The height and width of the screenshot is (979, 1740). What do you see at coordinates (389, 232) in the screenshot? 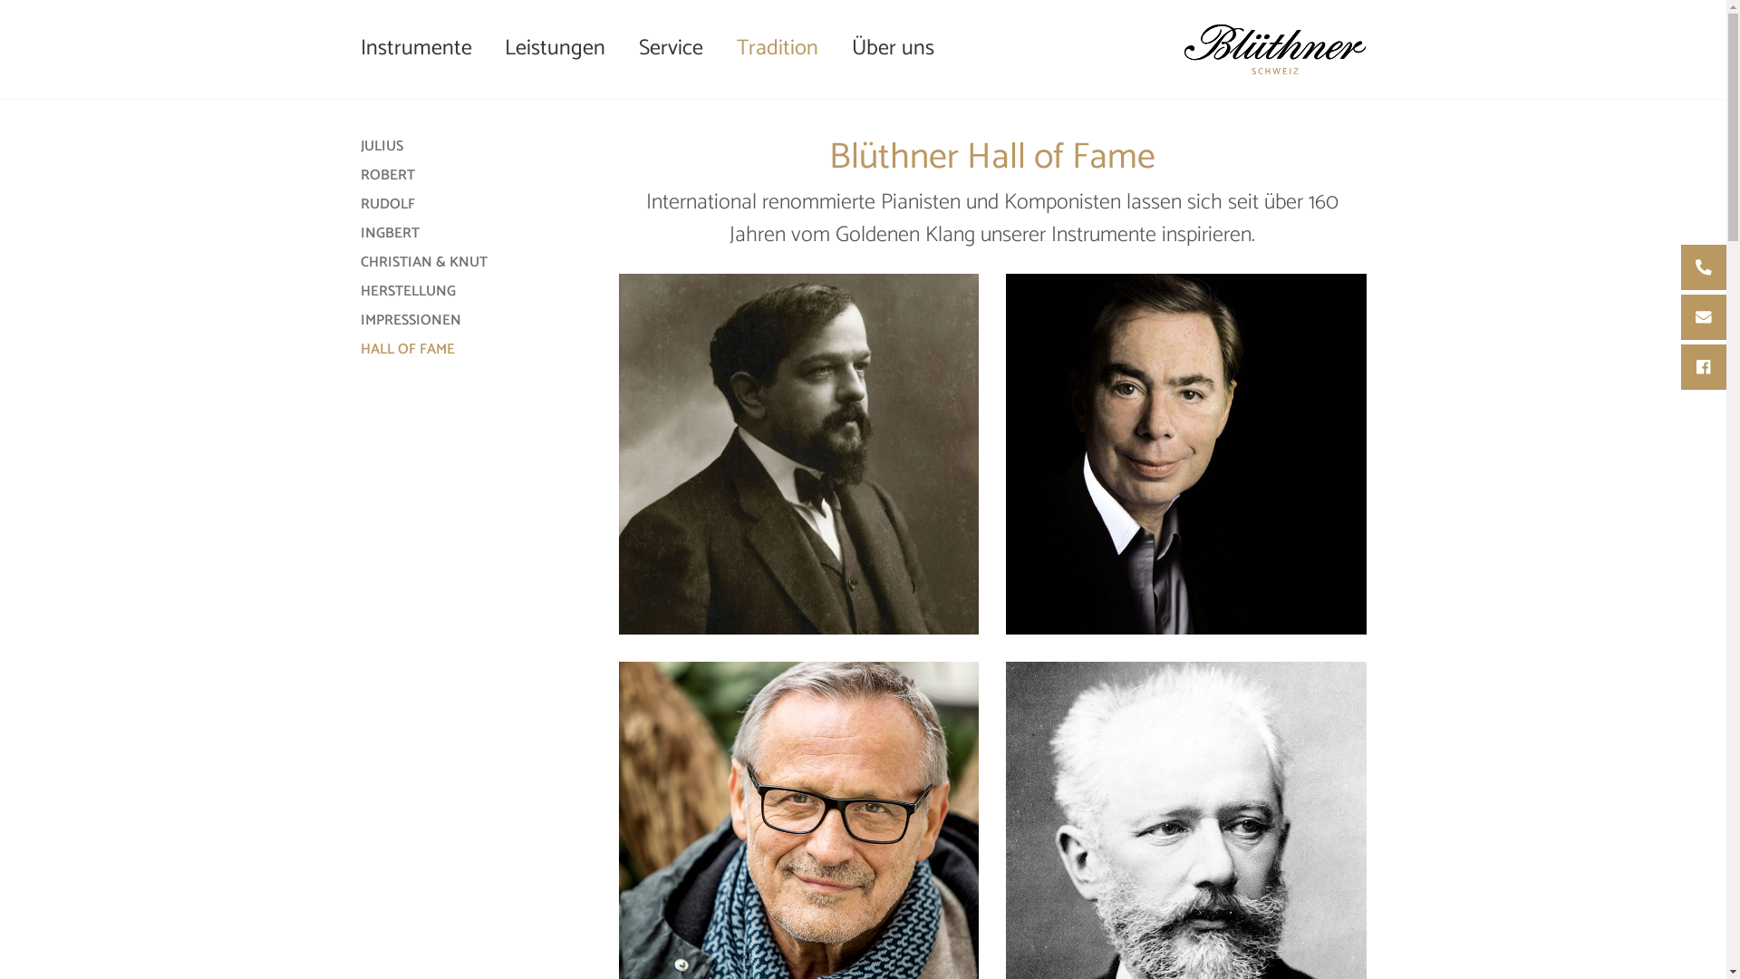
I see `'INGBERT'` at bounding box center [389, 232].